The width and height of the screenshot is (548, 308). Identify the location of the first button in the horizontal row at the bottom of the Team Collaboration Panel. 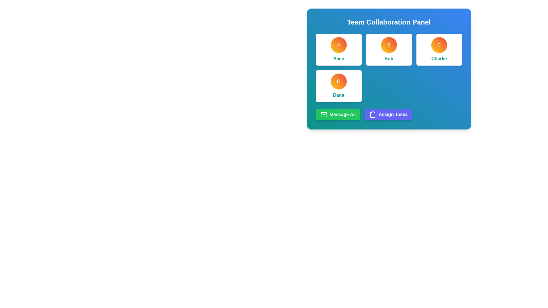
(338, 114).